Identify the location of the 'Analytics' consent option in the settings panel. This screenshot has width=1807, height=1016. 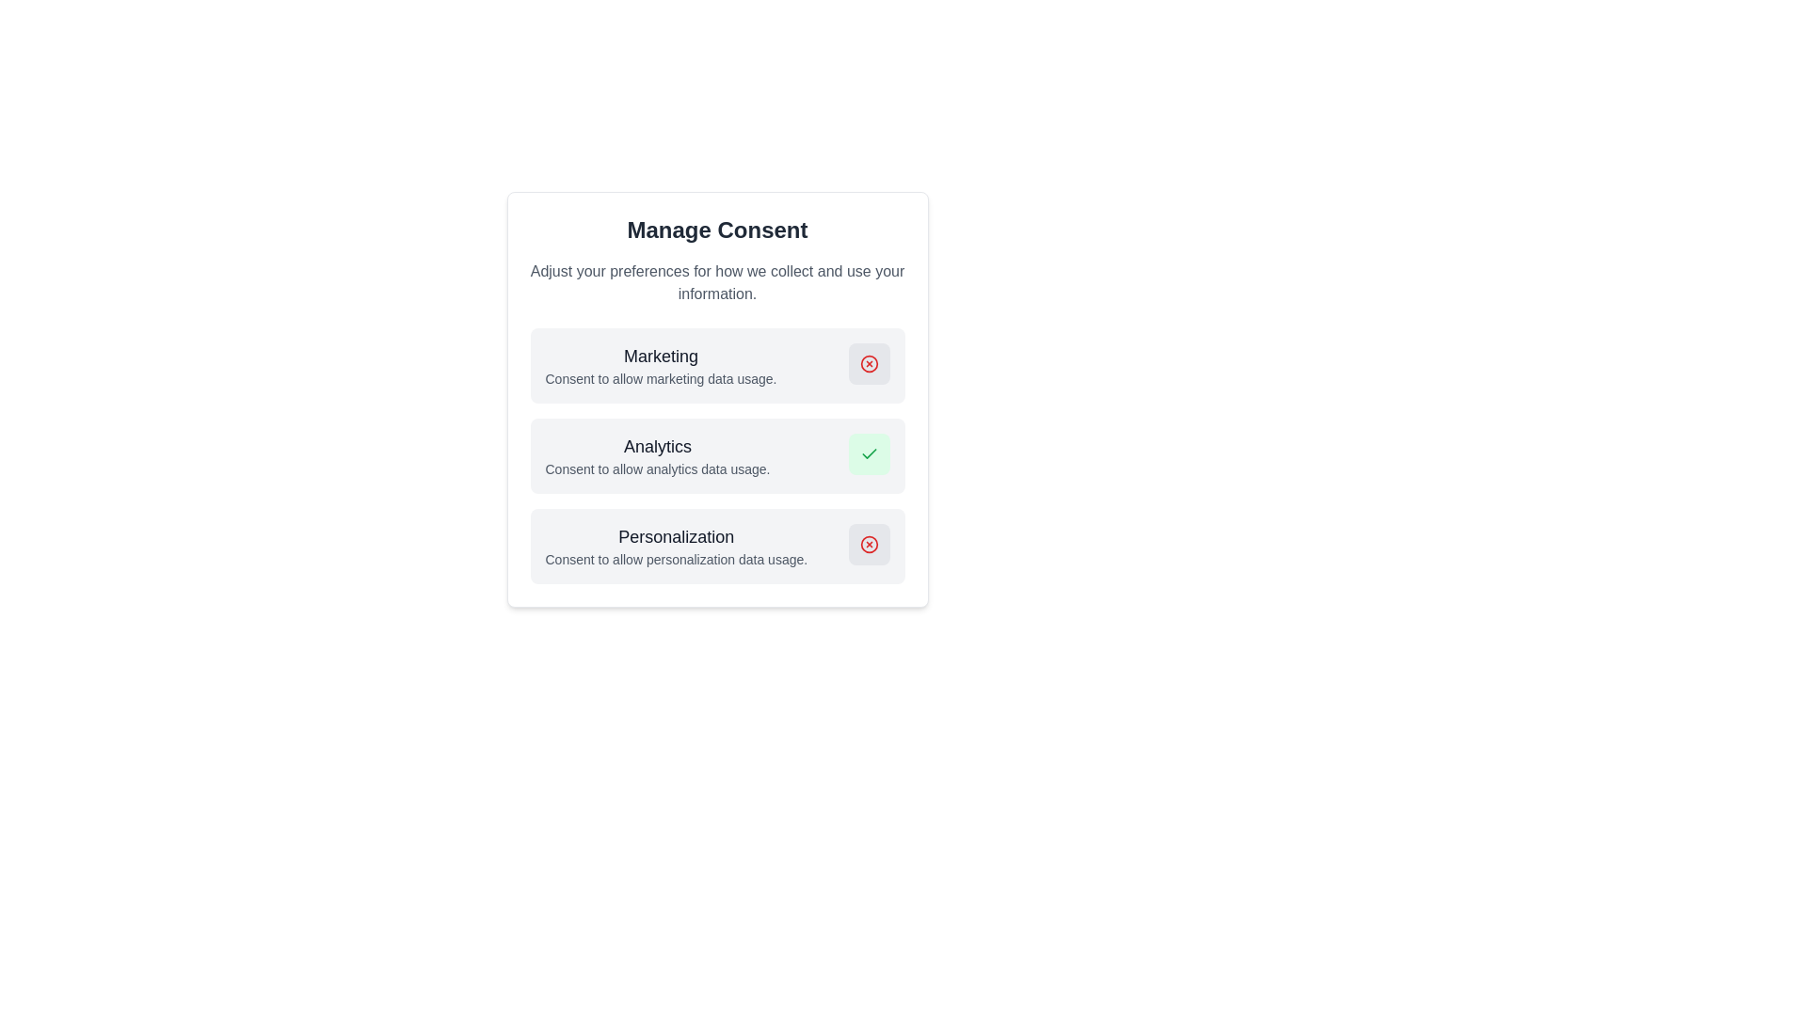
(716, 456).